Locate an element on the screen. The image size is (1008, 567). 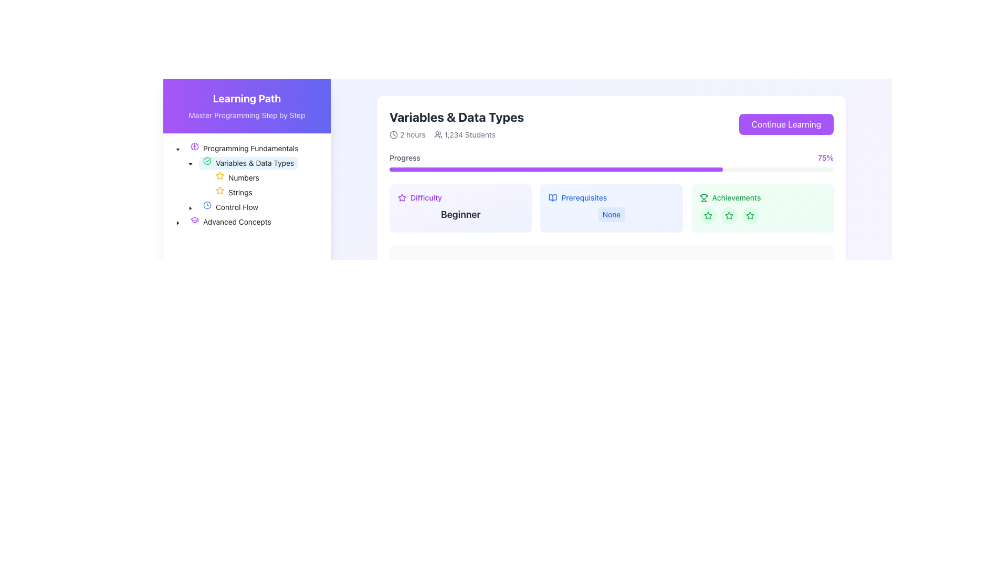
the green-outlined star icon indicator in the Achievements section, which is the first among three similar circular elements near the progress bar is located at coordinates (708, 215).